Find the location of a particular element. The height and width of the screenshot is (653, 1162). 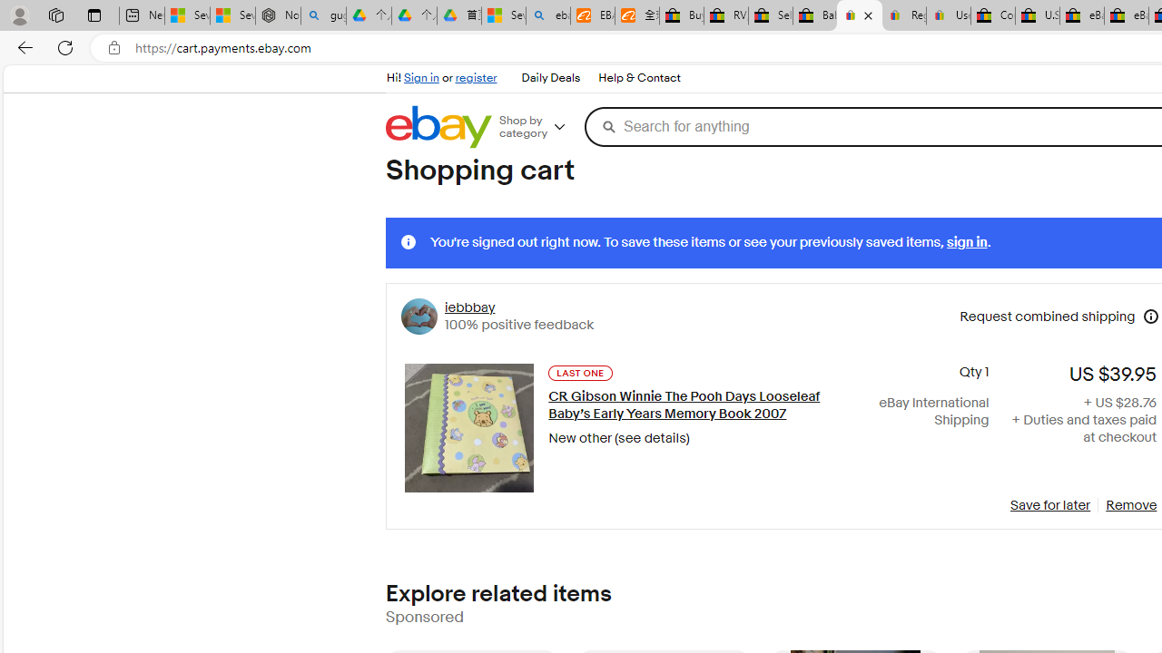

'Buy Auto Parts & Accessories | eBay' is located at coordinates (680, 15).